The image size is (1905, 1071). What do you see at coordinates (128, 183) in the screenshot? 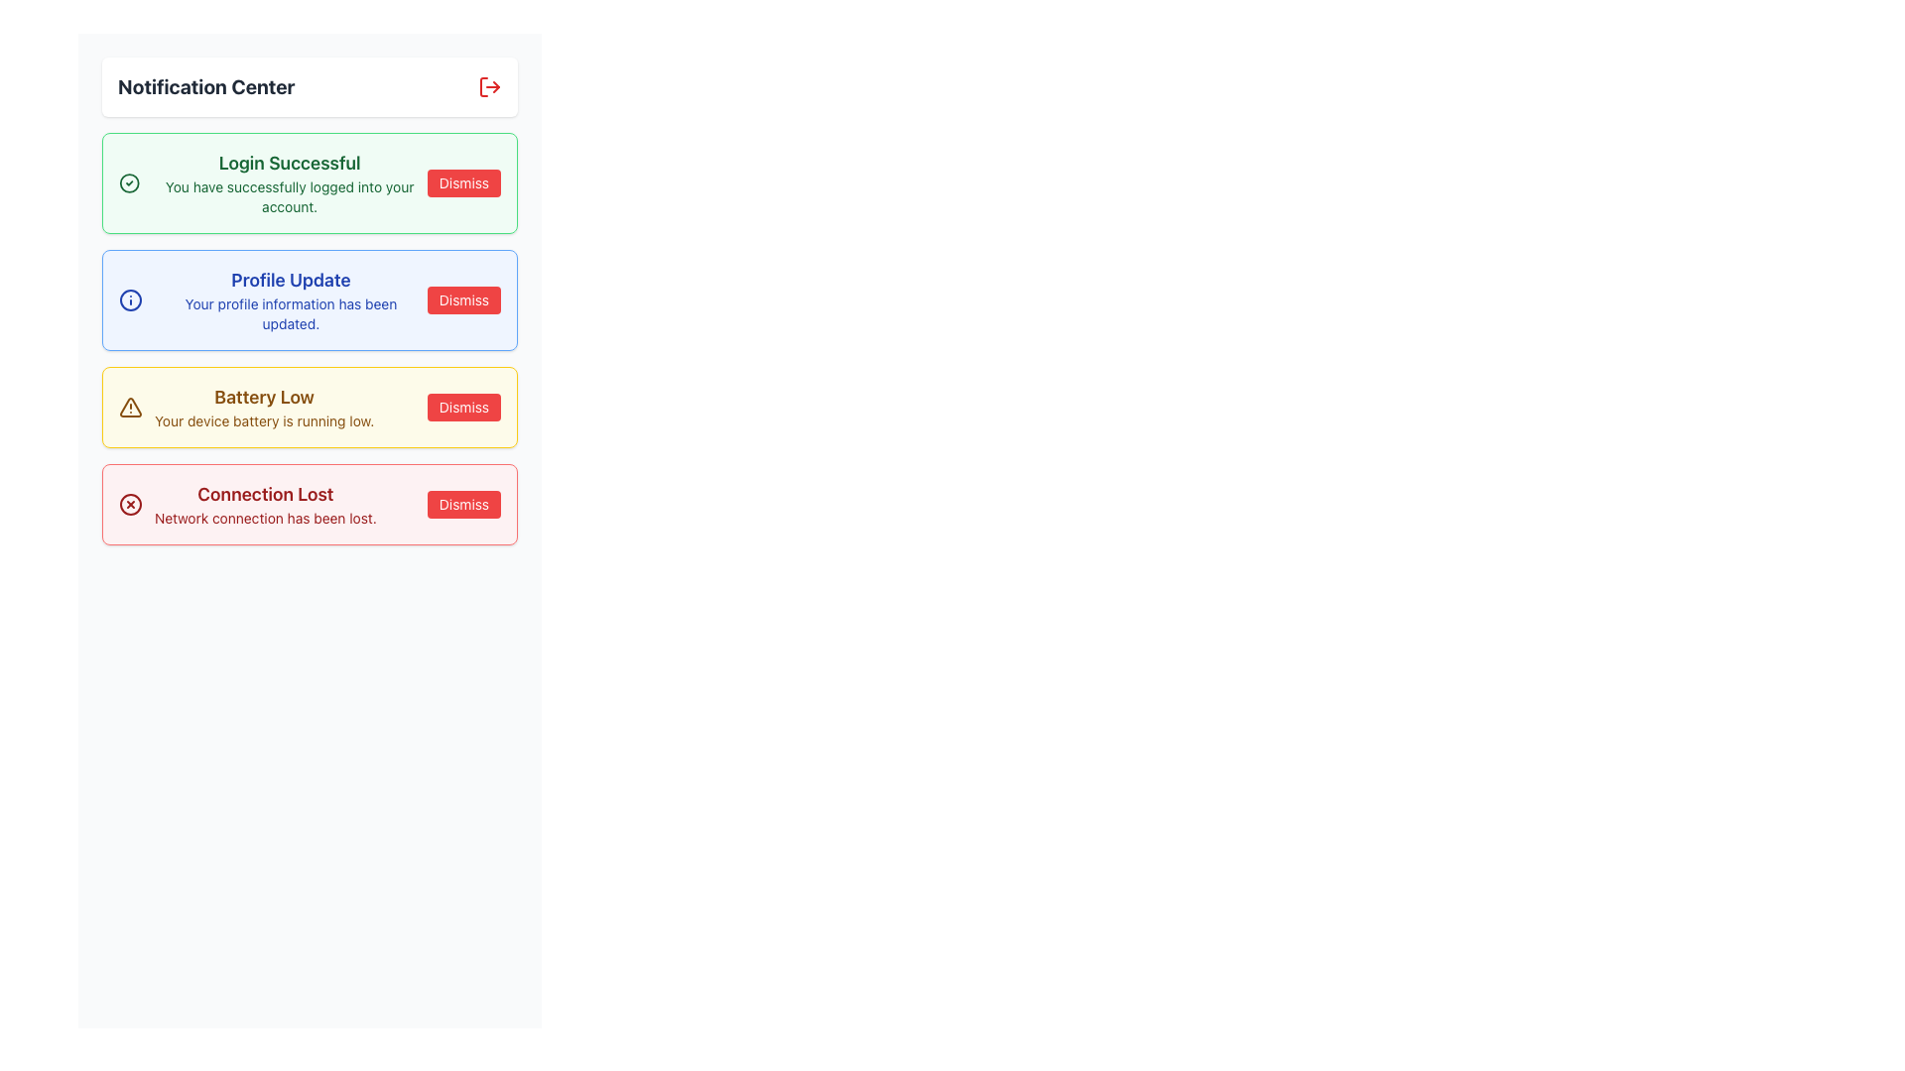
I see `the Circle element within the 'Login Successful' notification card, which signifies a successful action or confirmation` at bounding box center [128, 183].